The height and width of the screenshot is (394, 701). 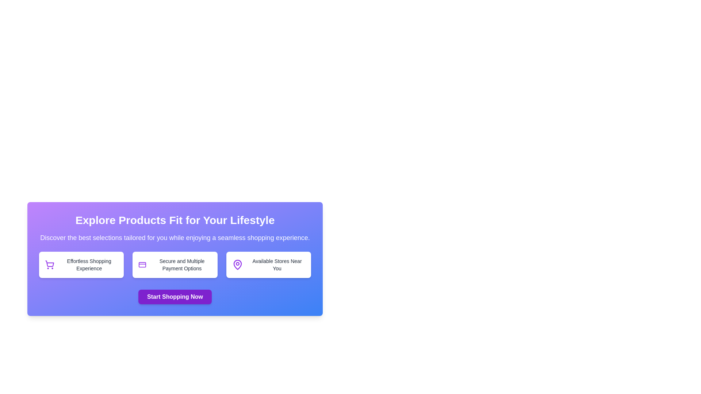 I want to click on information from the Informational Card, which is the first card on the left in a grid layout of three cards, so click(x=81, y=264).